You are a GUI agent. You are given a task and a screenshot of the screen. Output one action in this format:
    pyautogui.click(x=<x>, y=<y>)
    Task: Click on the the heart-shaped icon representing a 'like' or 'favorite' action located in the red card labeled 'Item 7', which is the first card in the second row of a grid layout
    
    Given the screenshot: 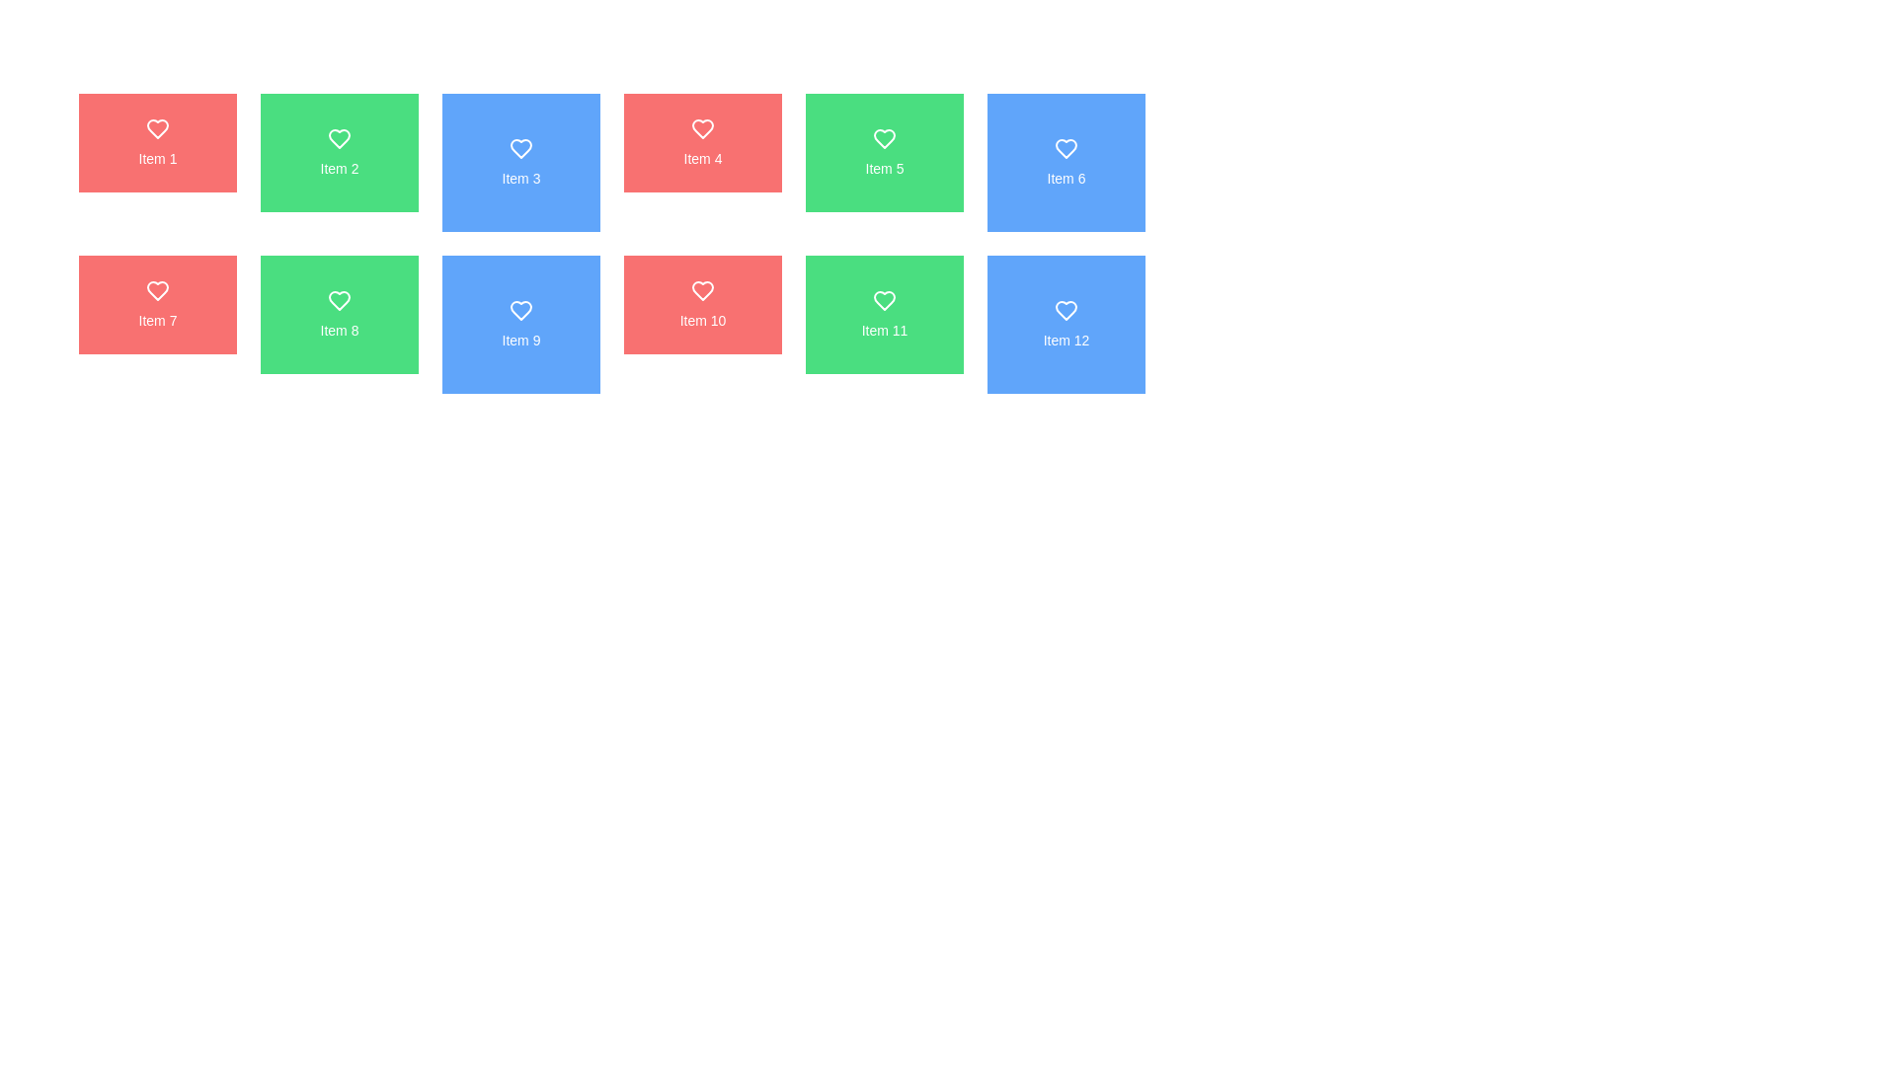 What is the action you would take?
    pyautogui.click(x=156, y=290)
    